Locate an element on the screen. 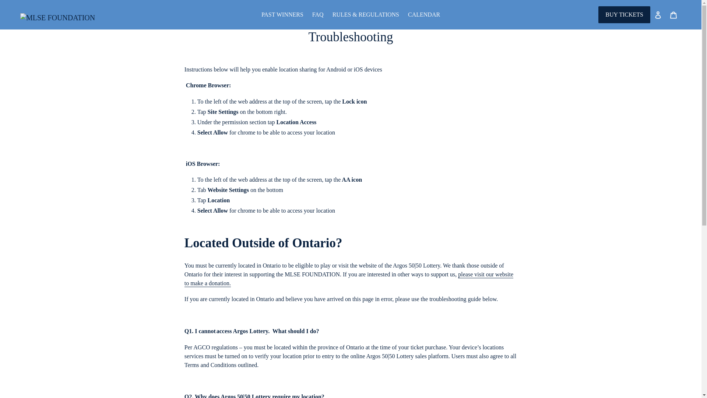  'FAQ' is located at coordinates (318, 14).